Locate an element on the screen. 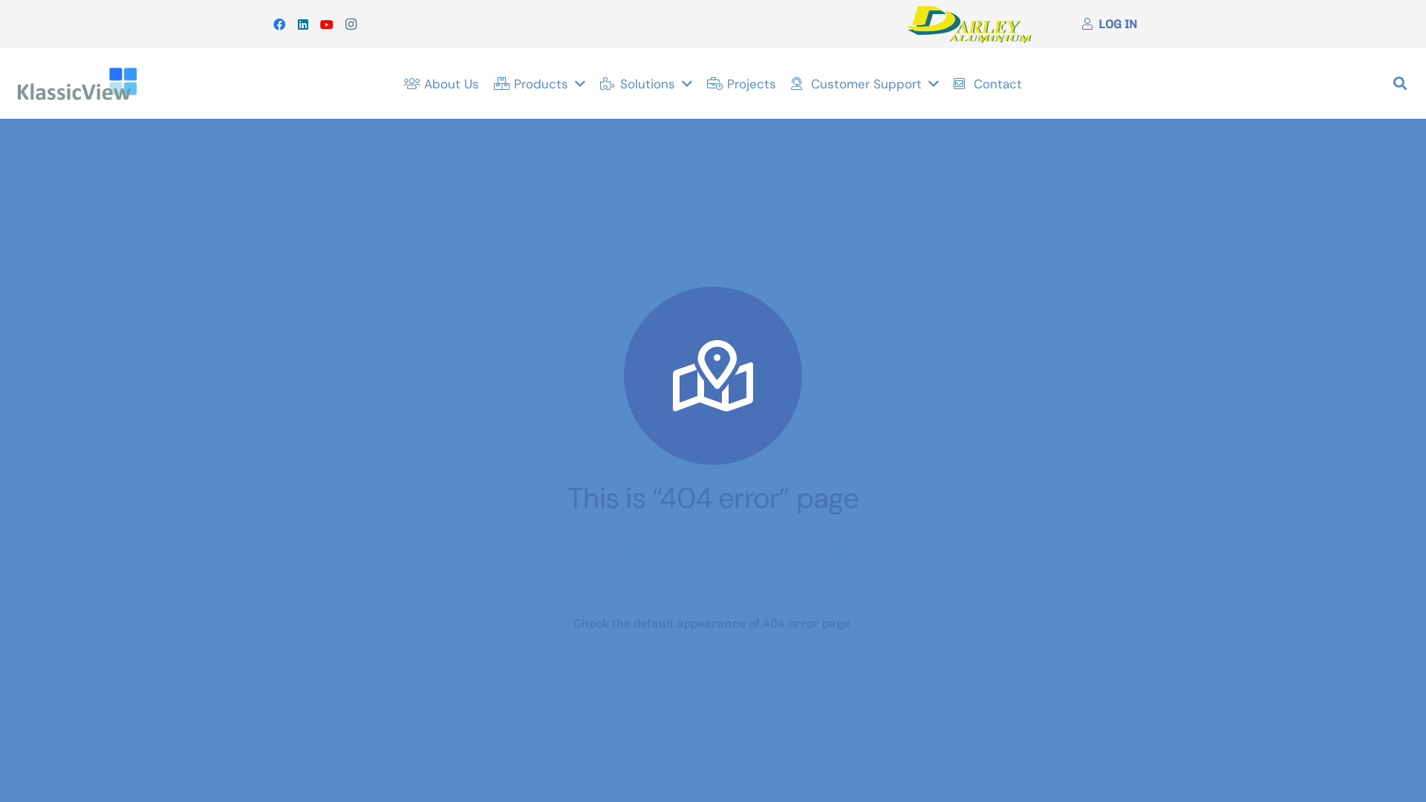 Image resolution: width=1426 pixels, height=802 pixels. 'YouTube' is located at coordinates (326, 23).